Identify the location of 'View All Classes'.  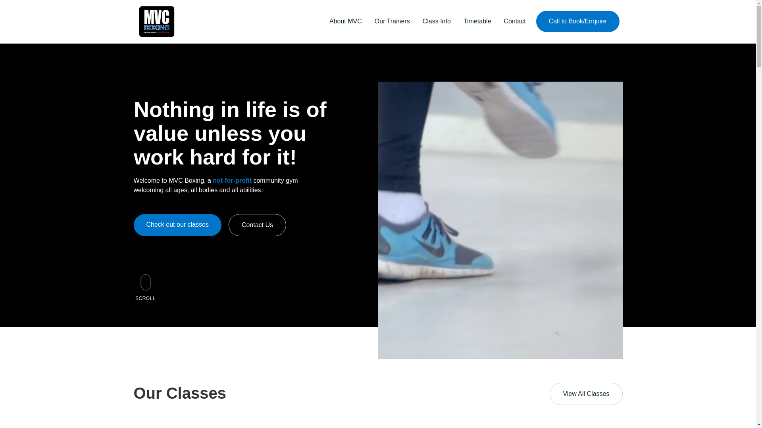
(586, 394).